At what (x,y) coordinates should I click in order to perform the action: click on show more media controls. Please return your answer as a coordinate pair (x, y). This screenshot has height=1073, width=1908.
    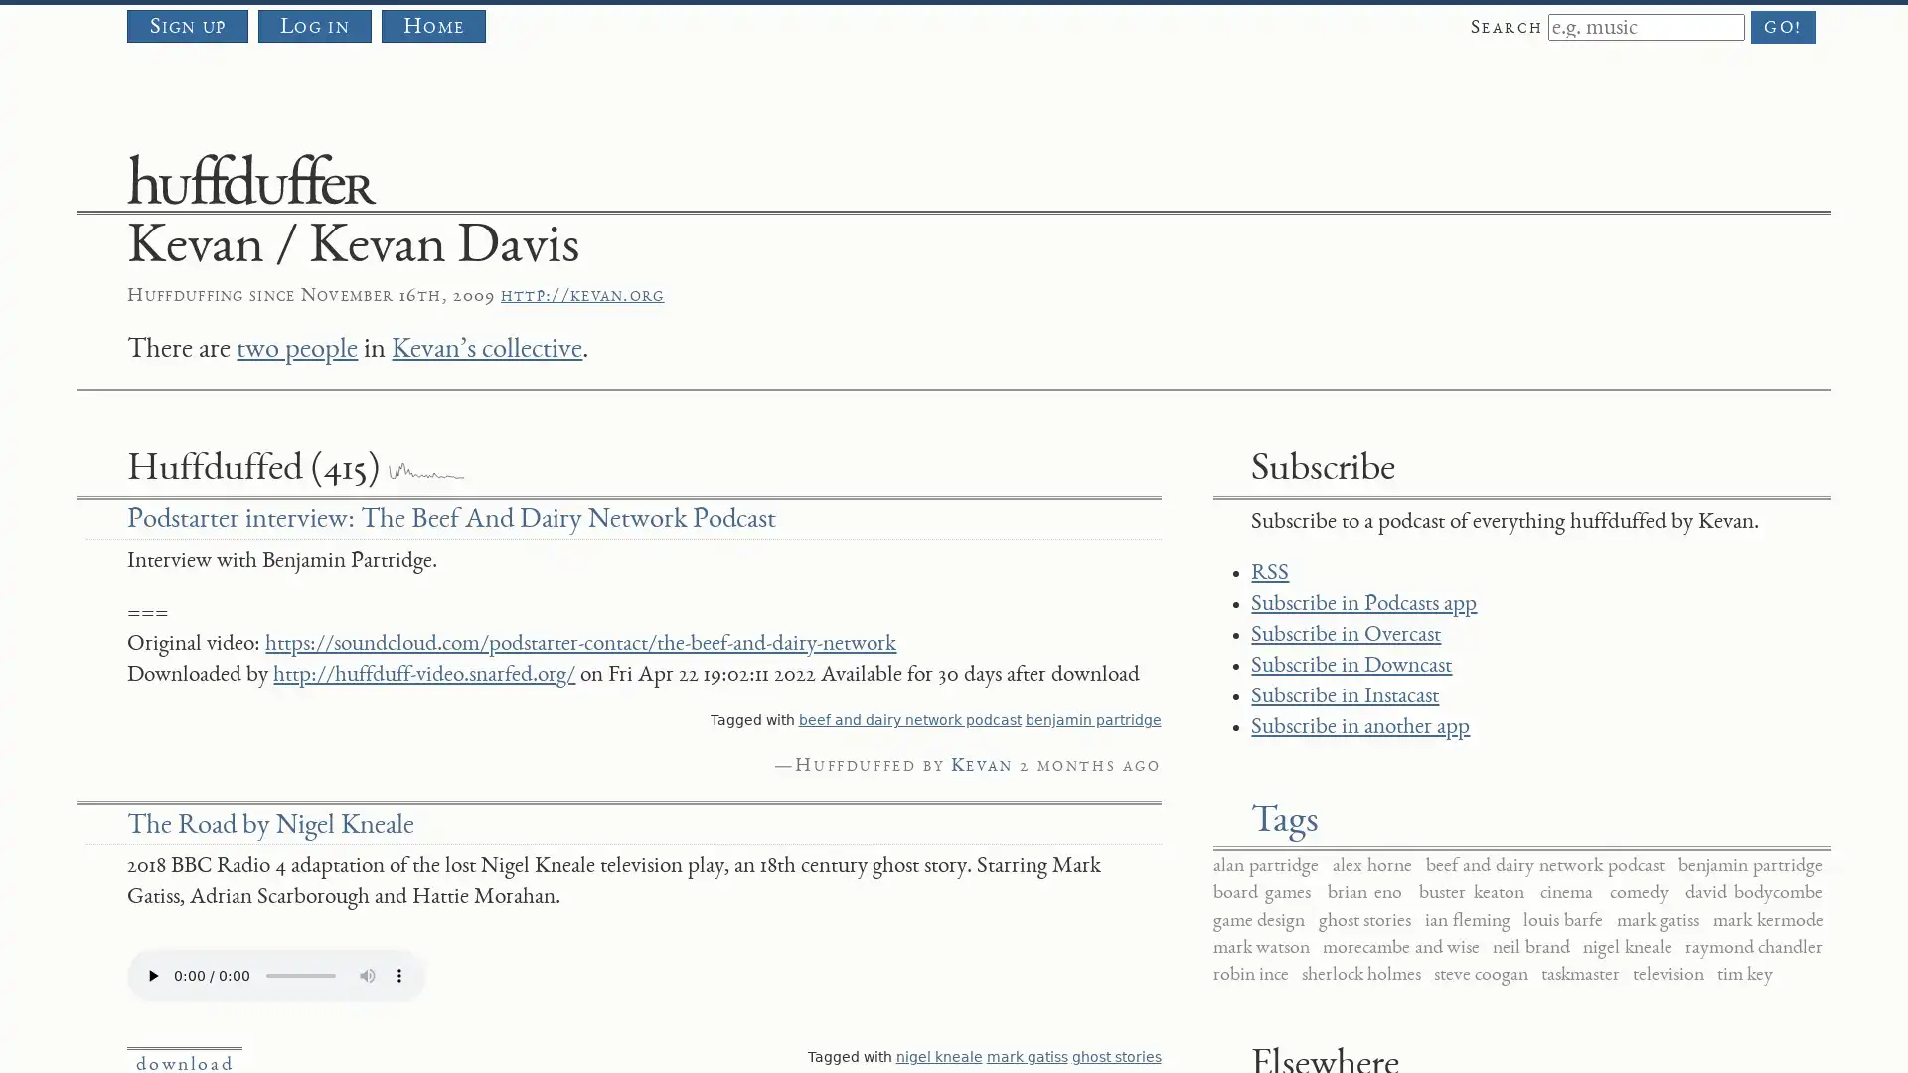
    Looking at the image, I should click on (398, 973).